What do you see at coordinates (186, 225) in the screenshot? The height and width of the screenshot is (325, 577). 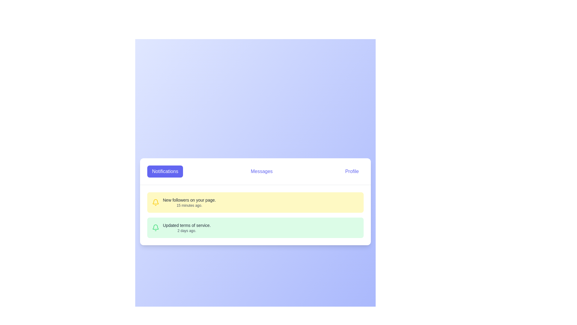 I see `text from the notification header located in the center portion of the interface, which is the first line of text within a green-colored notification card` at bounding box center [186, 225].